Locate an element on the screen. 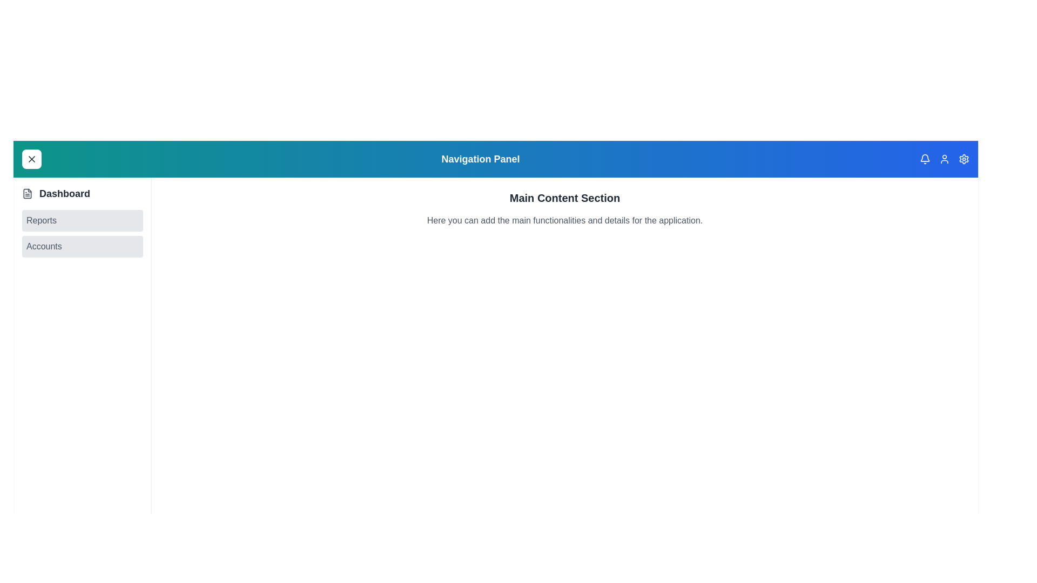 The height and width of the screenshot is (583, 1037). the settings cogwheel icon located in the top-right corner of the navigation bar is located at coordinates (964, 159).